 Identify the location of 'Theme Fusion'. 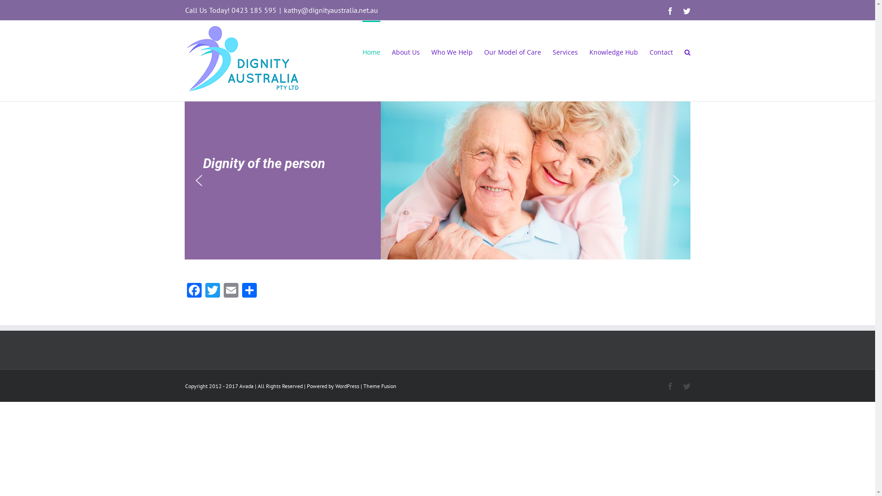
(379, 386).